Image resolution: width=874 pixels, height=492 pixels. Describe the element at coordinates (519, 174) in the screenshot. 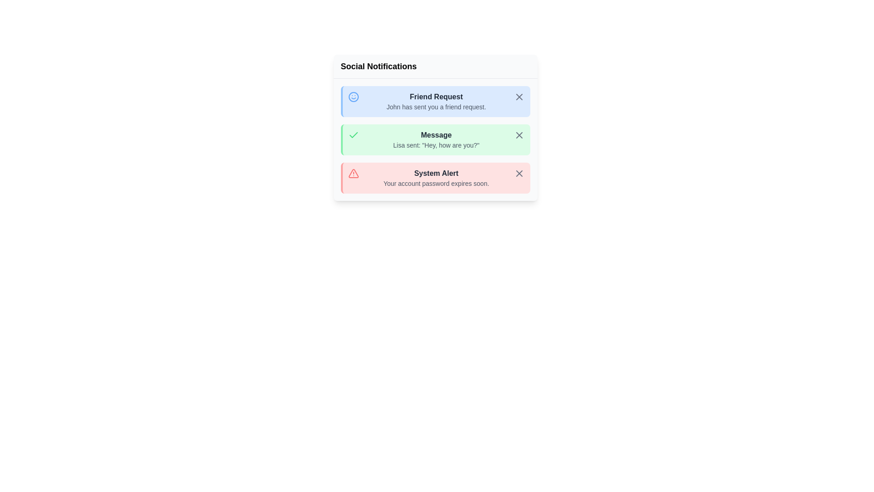

I see `the dismissal button located in the top-right corner of the 'System Alert' notification card` at that location.